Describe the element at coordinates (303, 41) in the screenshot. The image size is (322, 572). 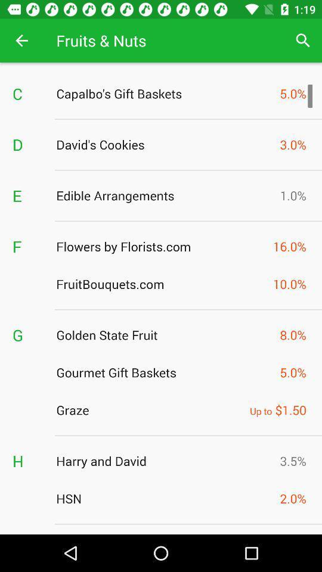
I see `app to the right of the fruits & nuts icon` at that location.